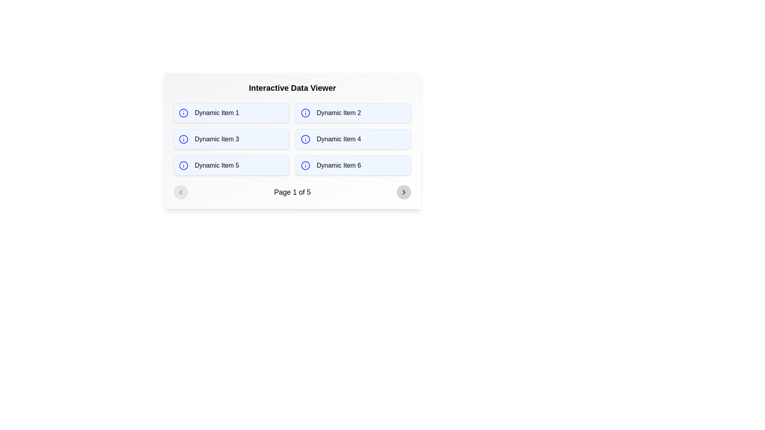  Describe the element at coordinates (305, 113) in the screenshot. I see `the blue circular outline info icon located to the left of the 'Dynamic Item 2' text in the top-right corner of the layout grid` at that location.